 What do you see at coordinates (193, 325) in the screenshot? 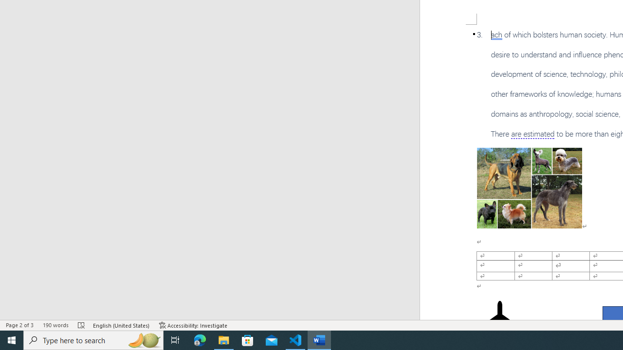
I see `'Accessibility Checker Accessibility: Investigate'` at bounding box center [193, 325].